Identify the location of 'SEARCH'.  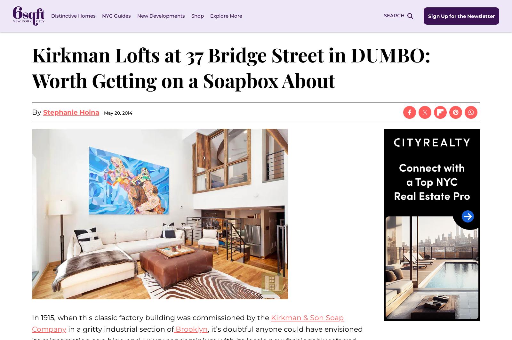
(394, 15).